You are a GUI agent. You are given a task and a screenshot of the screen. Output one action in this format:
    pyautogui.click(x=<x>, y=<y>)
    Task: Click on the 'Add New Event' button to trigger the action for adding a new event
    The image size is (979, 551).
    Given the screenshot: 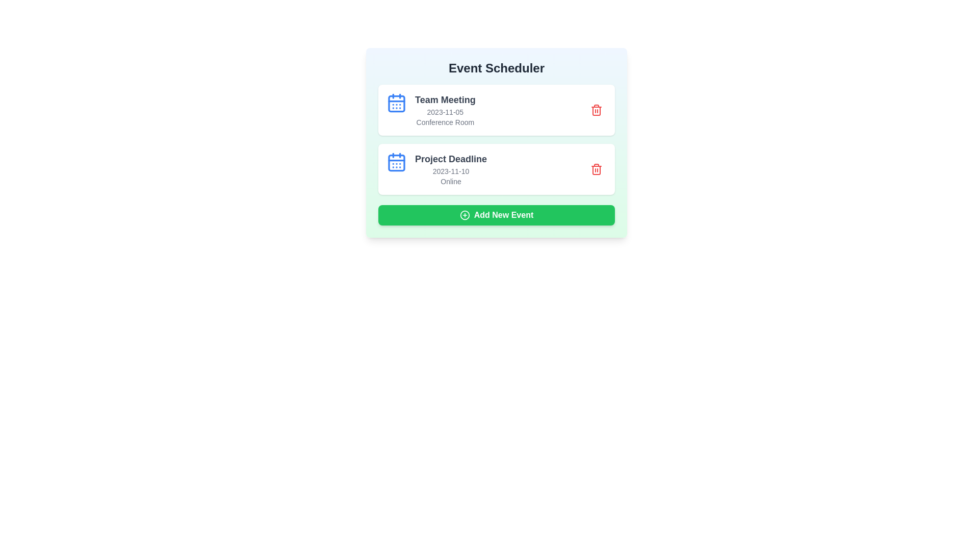 What is the action you would take?
    pyautogui.click(x=497, y=214)
    